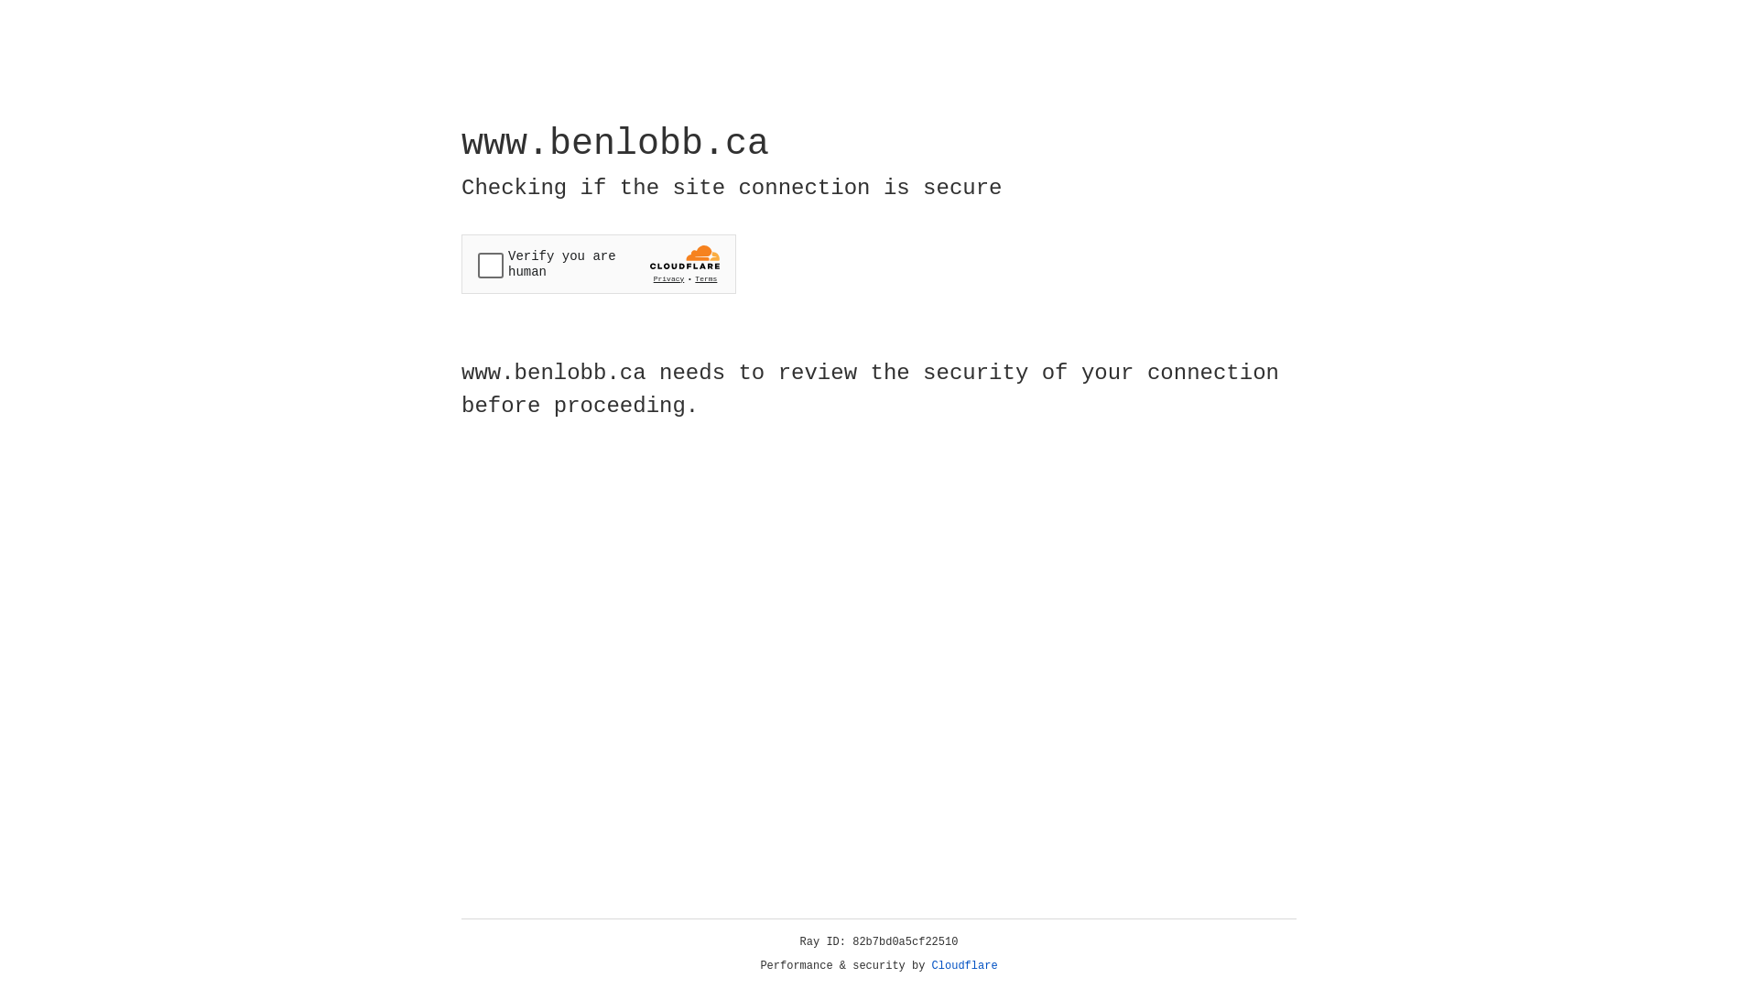  Describe the element at coordinates (964, 965) in the screenshot. I see `'Cloudflare'` at that location.